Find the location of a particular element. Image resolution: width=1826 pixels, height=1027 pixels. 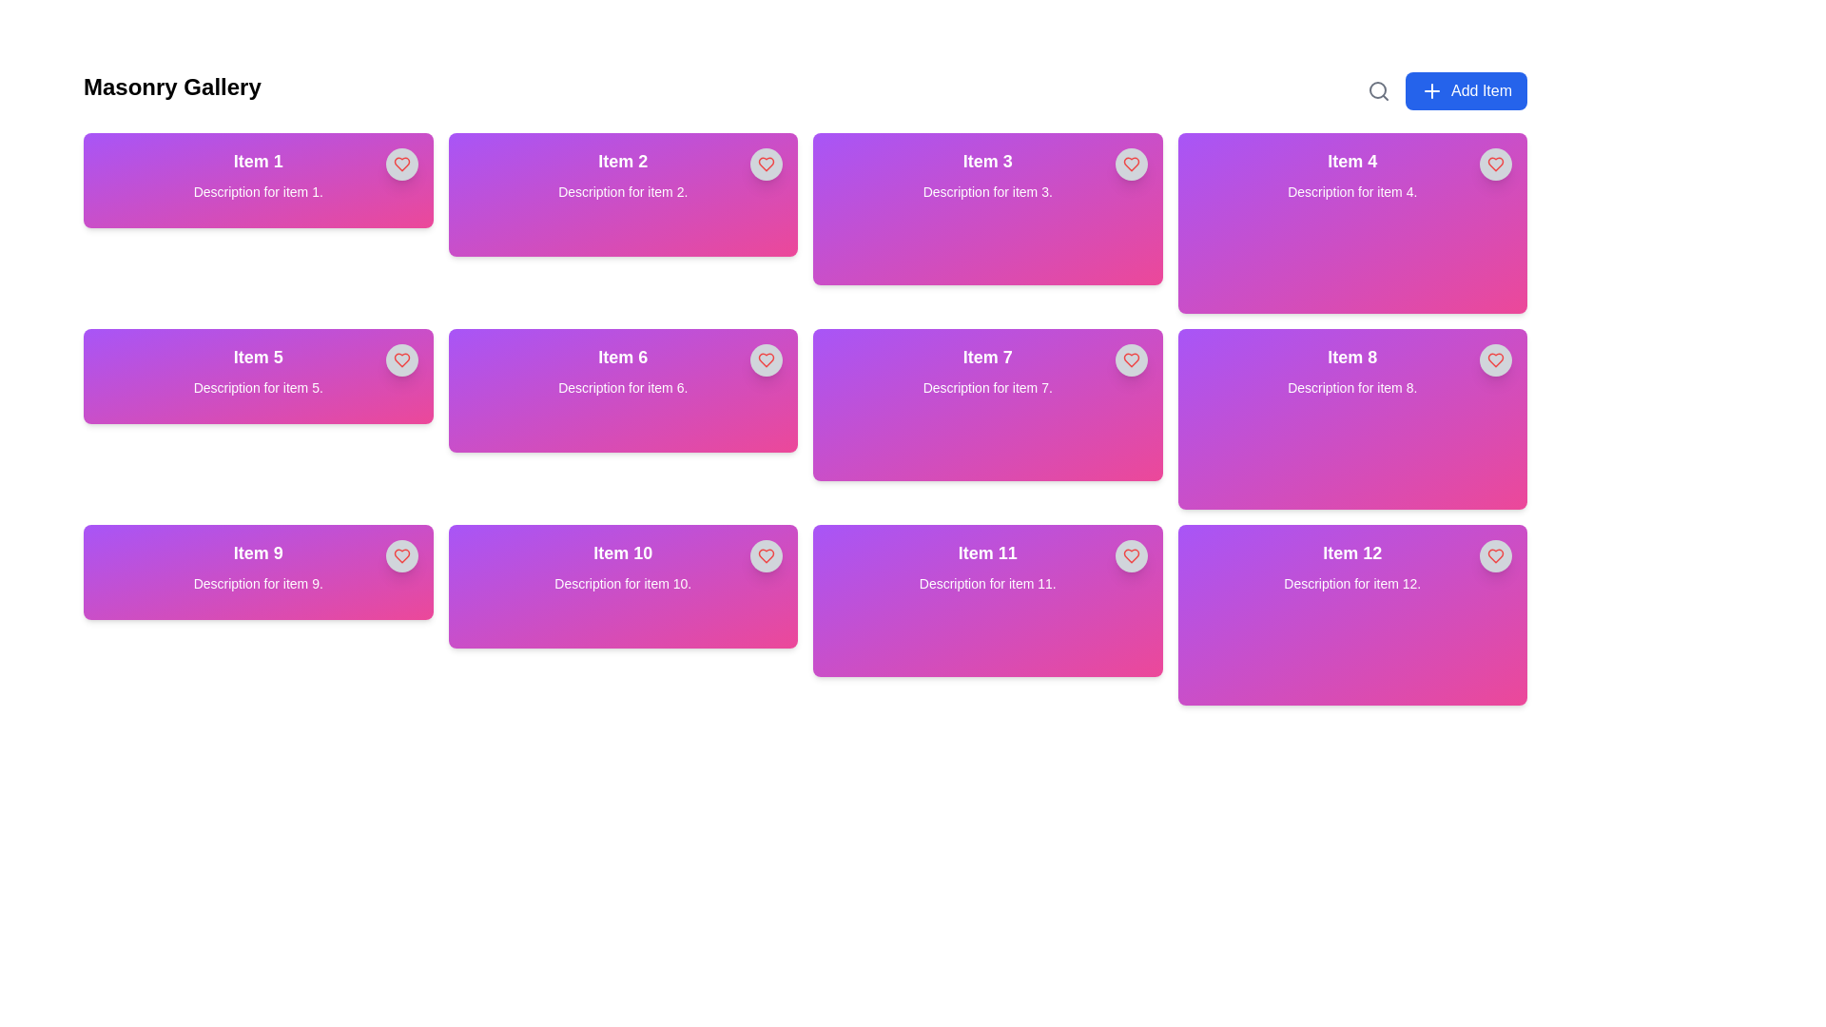

the text label 'Description for item 10.' which is styled in a smaller font and located inside the vibrant card in the third row, second column of the grid is located at coordinates (623, 582).